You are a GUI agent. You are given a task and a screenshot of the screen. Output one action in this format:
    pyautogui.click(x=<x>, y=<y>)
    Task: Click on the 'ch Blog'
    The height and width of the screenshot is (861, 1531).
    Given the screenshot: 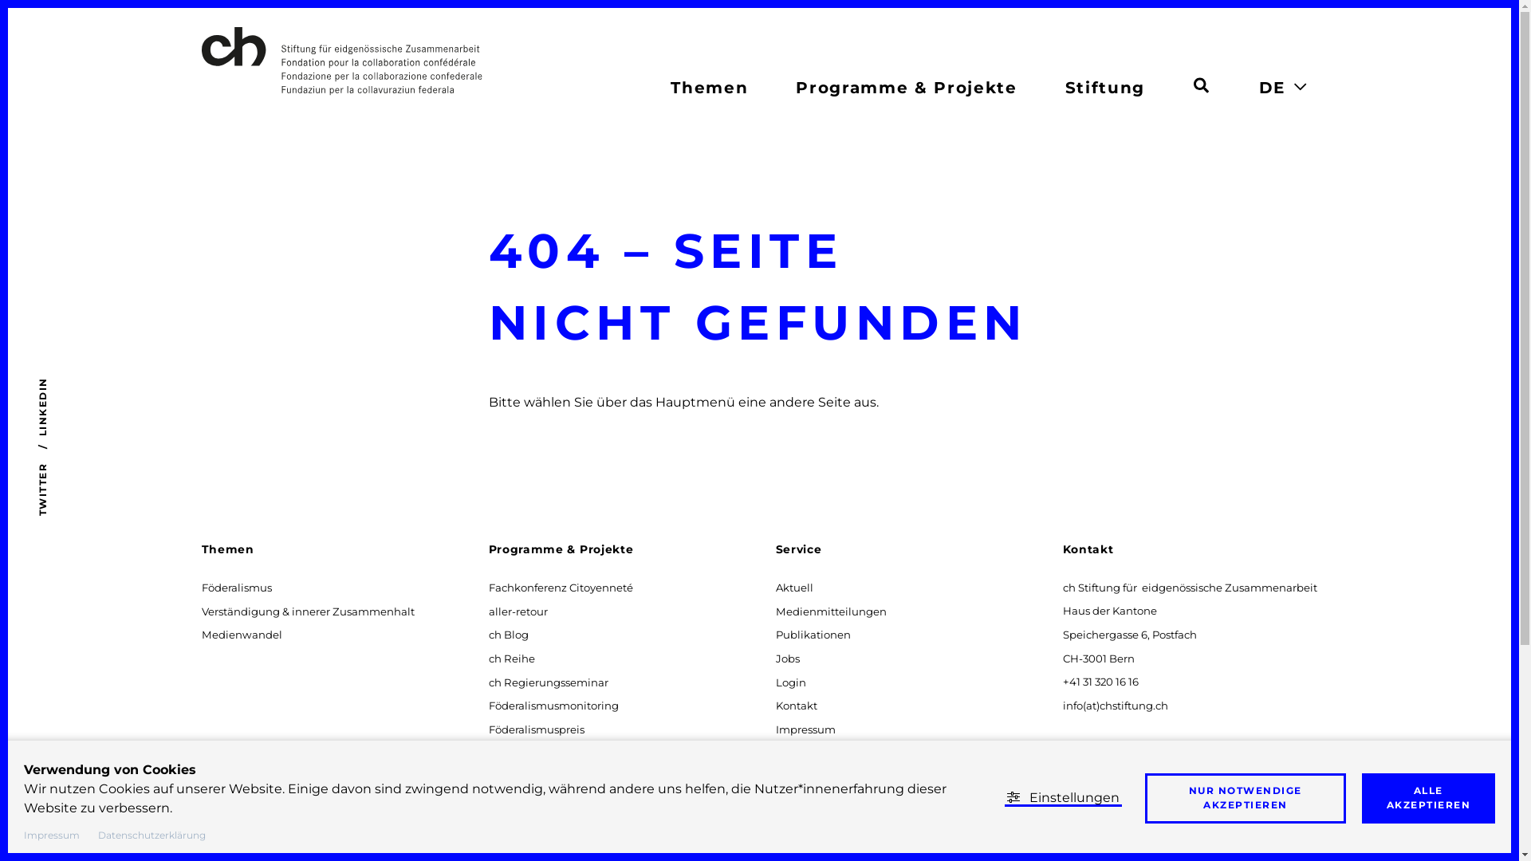 What is the action you would take?
    pyautogui.click(x=485, y=633)
    